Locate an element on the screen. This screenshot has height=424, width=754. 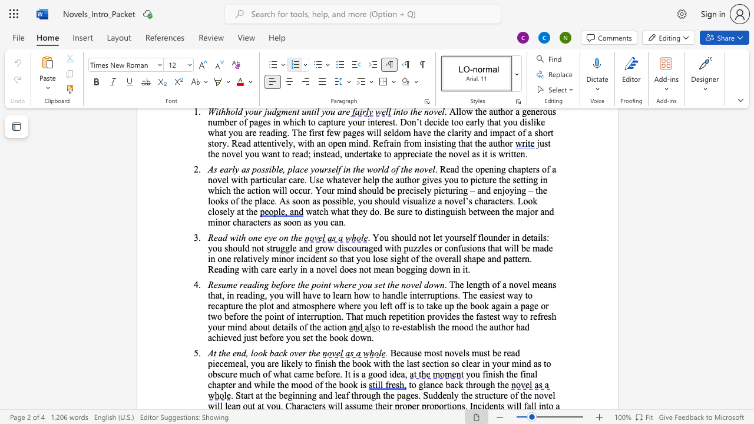
the 1th character "a" in the text is located at coordinates (481, 316).